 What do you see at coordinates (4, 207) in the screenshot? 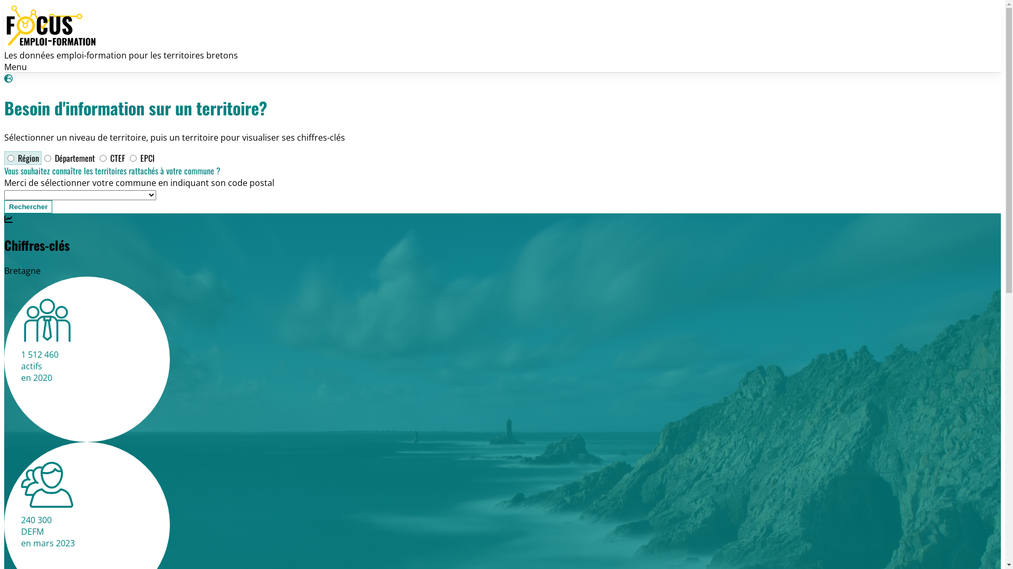
I see `'Rechercher'` at bounding box center [4, 207].